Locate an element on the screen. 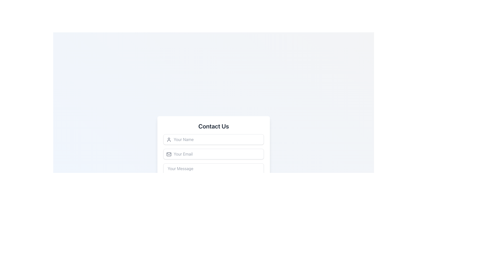 This screenshot has height=271, width=482. the SVG rectangle element that forms the base of the envelope icon located to the left of the email input field in the contact form is located at coordinates (169, 154).